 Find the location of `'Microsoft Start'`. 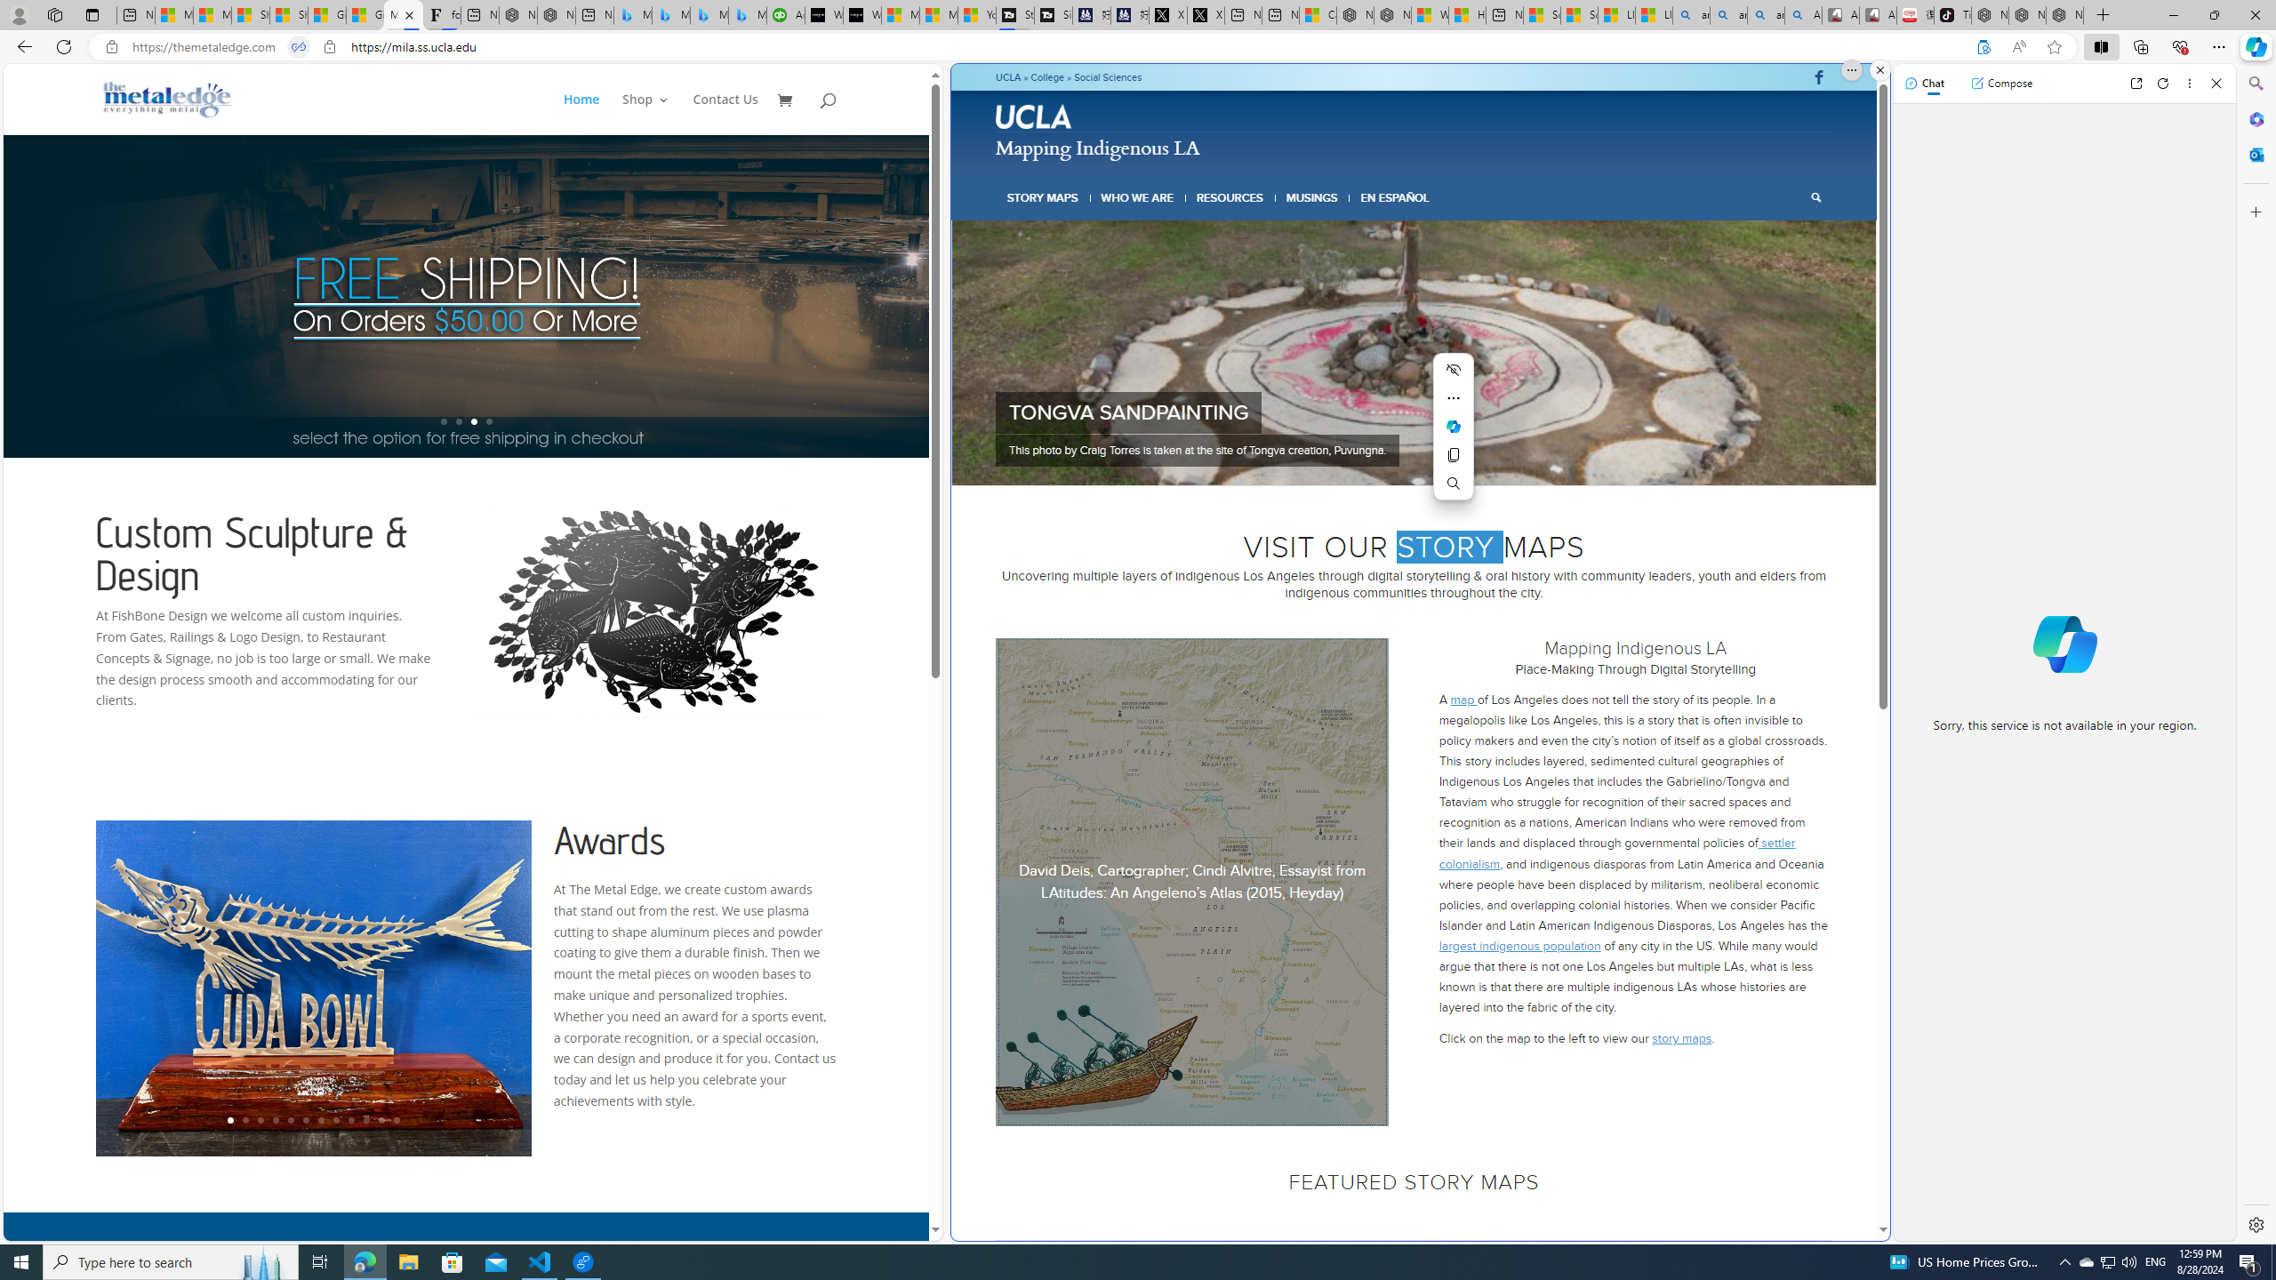

'Microsoft Start' is located at coordinates (938, 14).